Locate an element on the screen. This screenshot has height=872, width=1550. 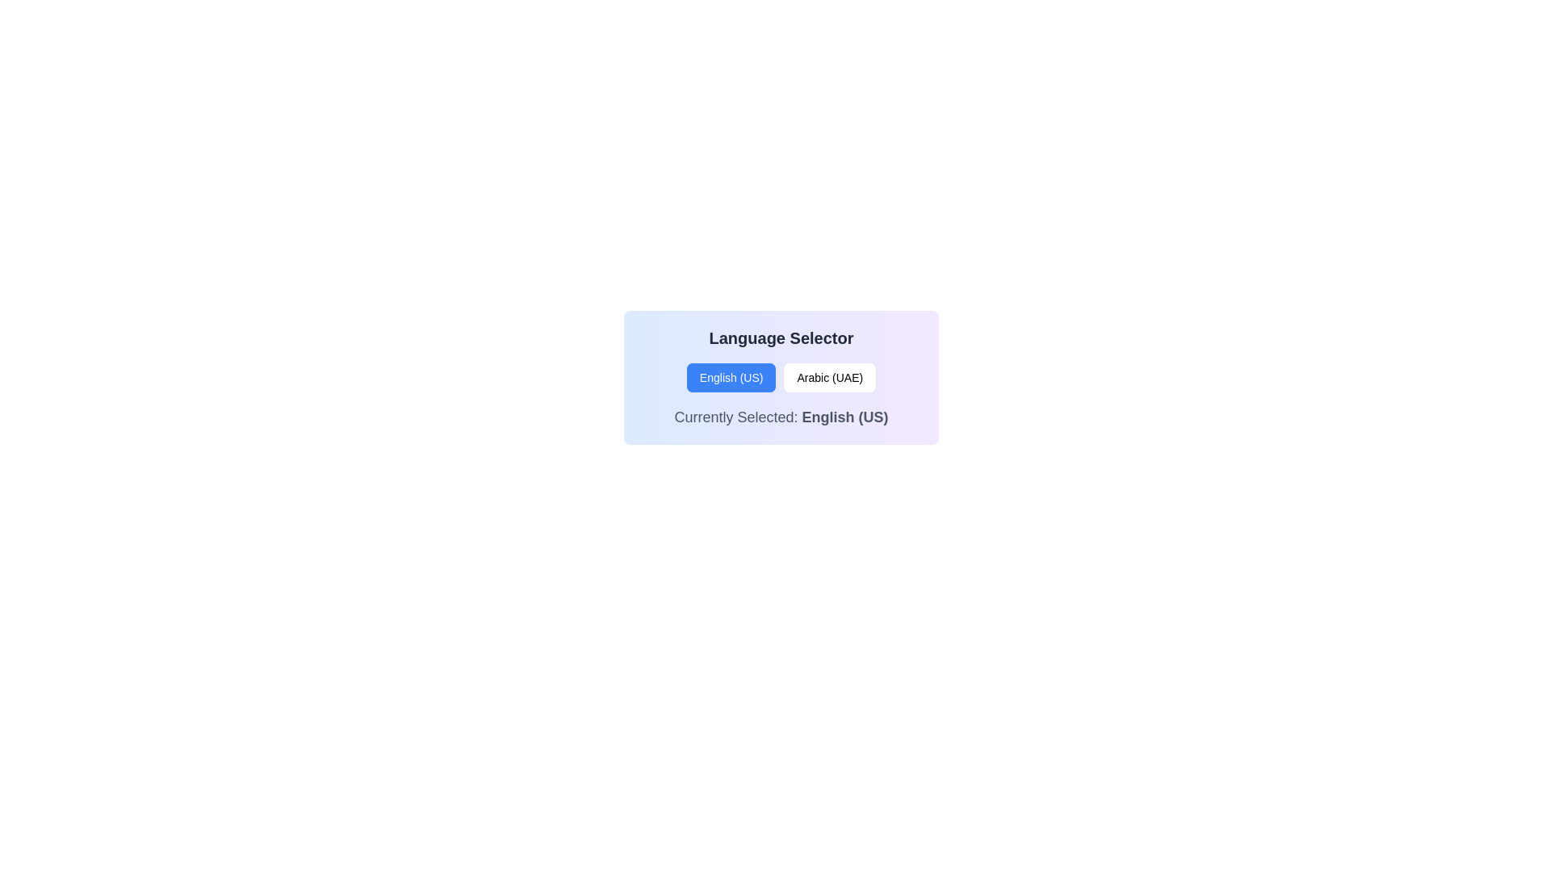
the static text element displaying 'English (US)', which is bolded and greyish, located within the text 'Currently Selected: English (US)' in the language selection interface is located at coordinates (844, 416).